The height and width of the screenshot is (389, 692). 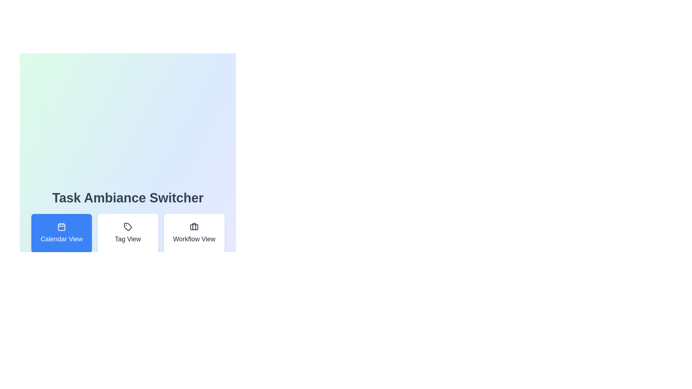 What do you see at coordinates (62, 239) in the screenshot?
I see `the 'Calendar View' text label, which is bold and located below a calendar icon, distinguished by its blue background and white text color` at bounding box center [62, 239].